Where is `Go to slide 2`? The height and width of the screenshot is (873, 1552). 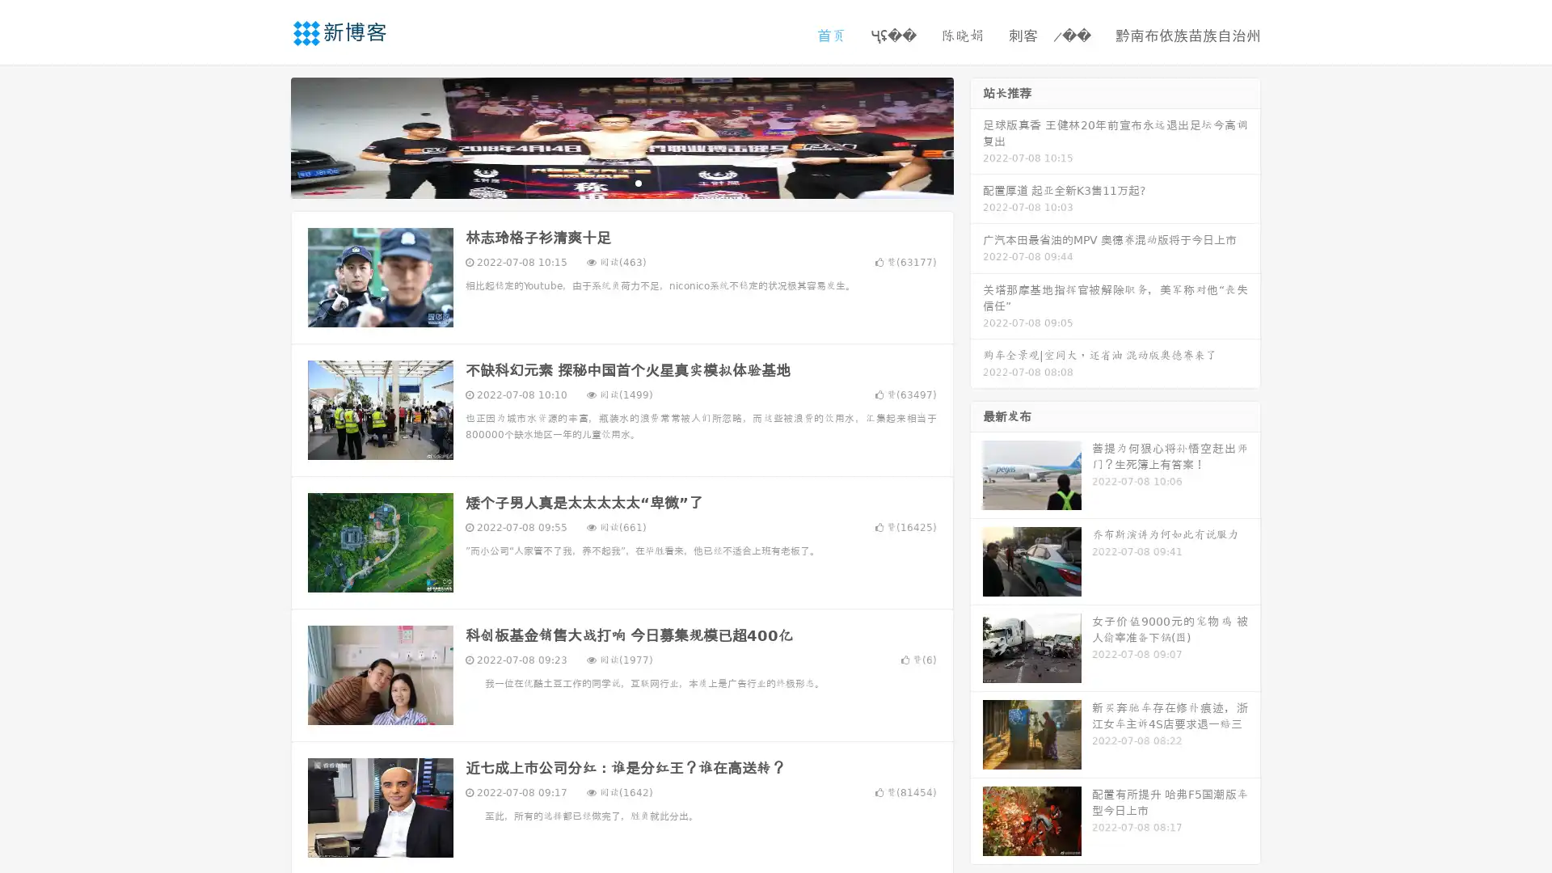 Go to slide 2 is located at coordinates (621, 182).